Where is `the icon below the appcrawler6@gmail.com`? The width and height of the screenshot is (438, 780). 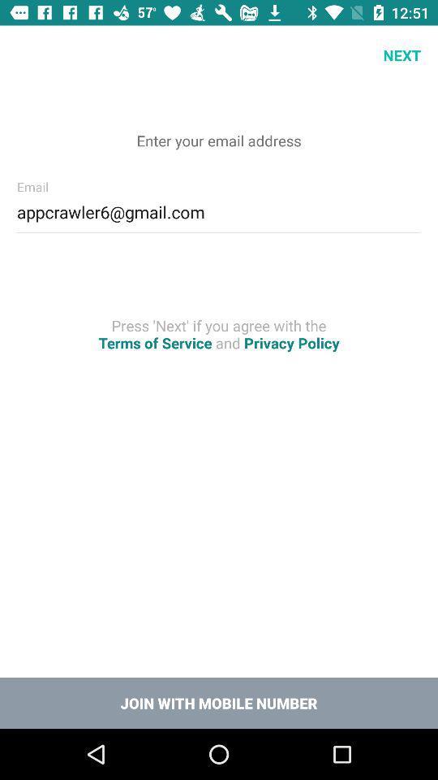
the icon below the appcrawler6@gmail.com is located at coordinates (219, 333).